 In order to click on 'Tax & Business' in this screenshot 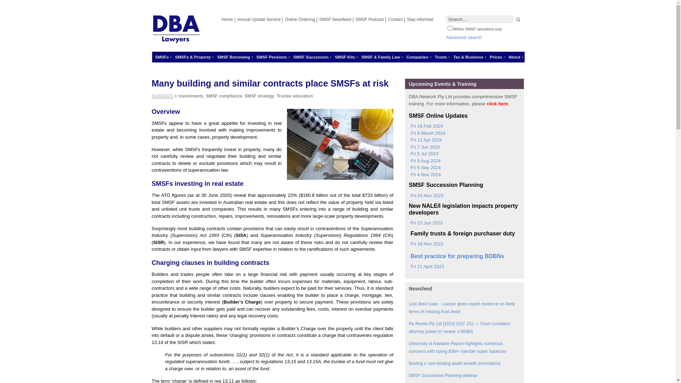, I will do `click(468, 57)`.